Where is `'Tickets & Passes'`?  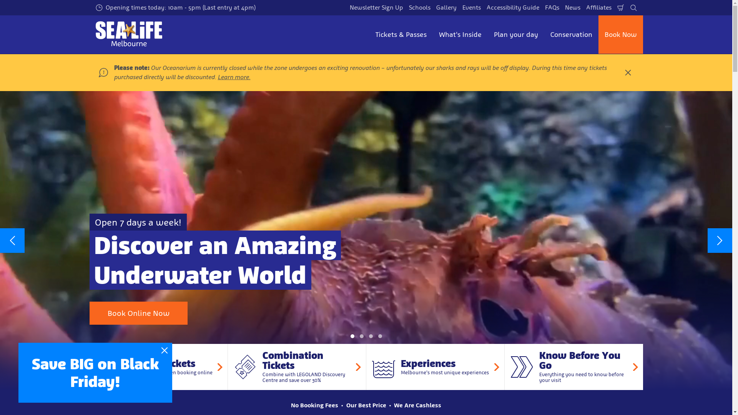
'Tickets & Passes' is located at coordinates (400, 34).